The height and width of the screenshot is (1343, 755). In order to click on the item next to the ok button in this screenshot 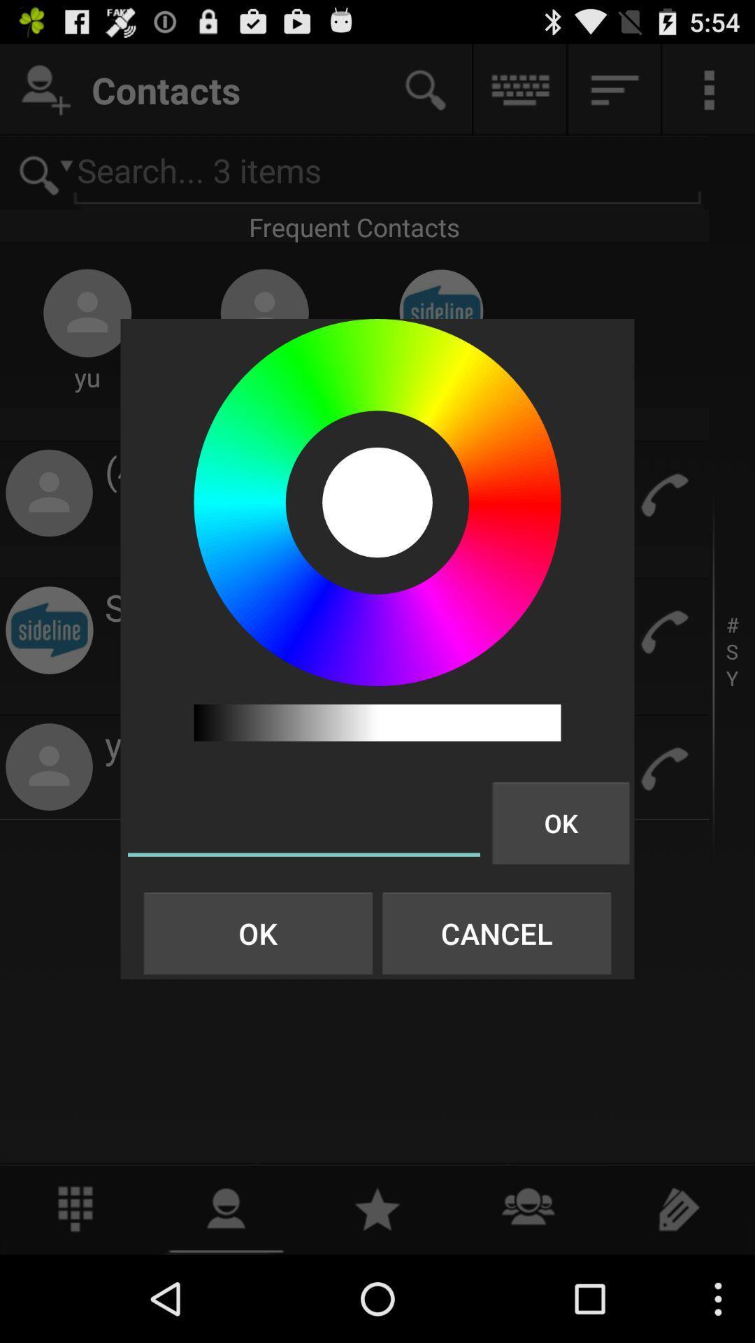, I will do `click(496, 933)`.